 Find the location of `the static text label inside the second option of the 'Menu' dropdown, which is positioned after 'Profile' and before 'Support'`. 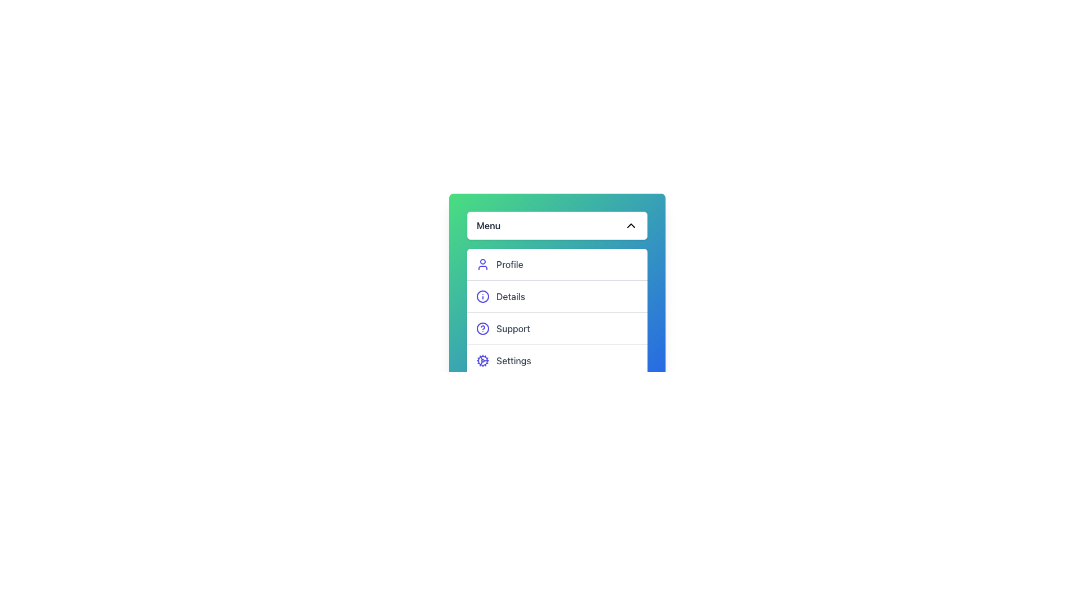

the static text label inside the second option of the 'Menu' dropdown, which is positioned after 'Profile' and before 'Support' is located at coordinates (510, 296).